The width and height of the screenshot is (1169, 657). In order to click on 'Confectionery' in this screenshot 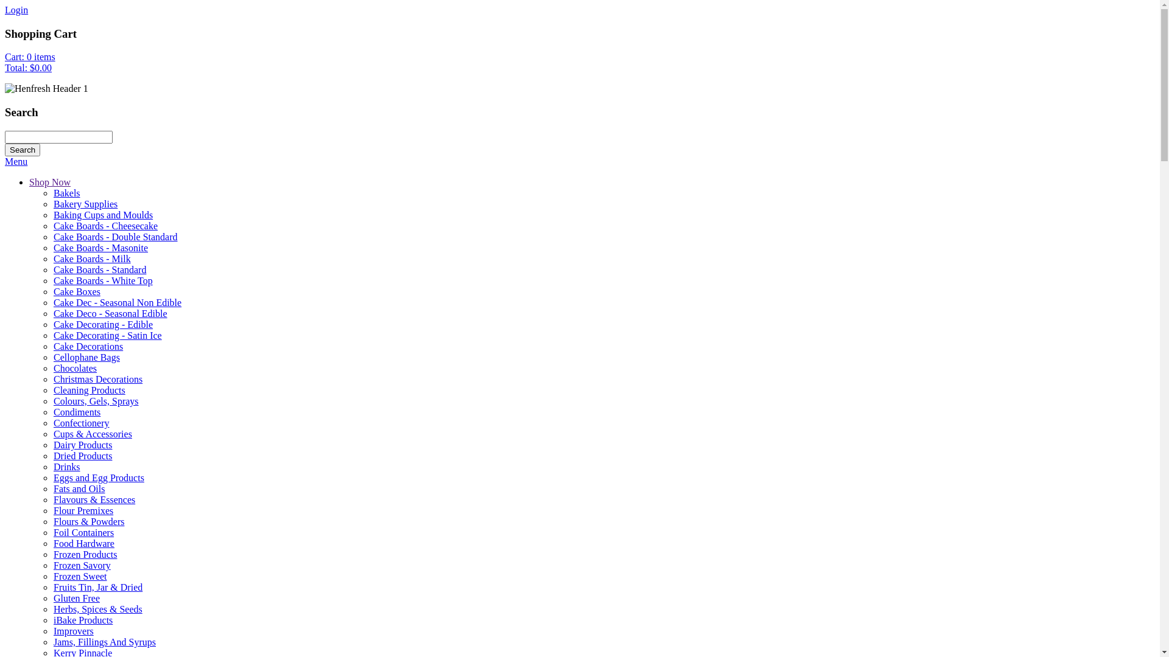, I will do `click(52, 422)`.